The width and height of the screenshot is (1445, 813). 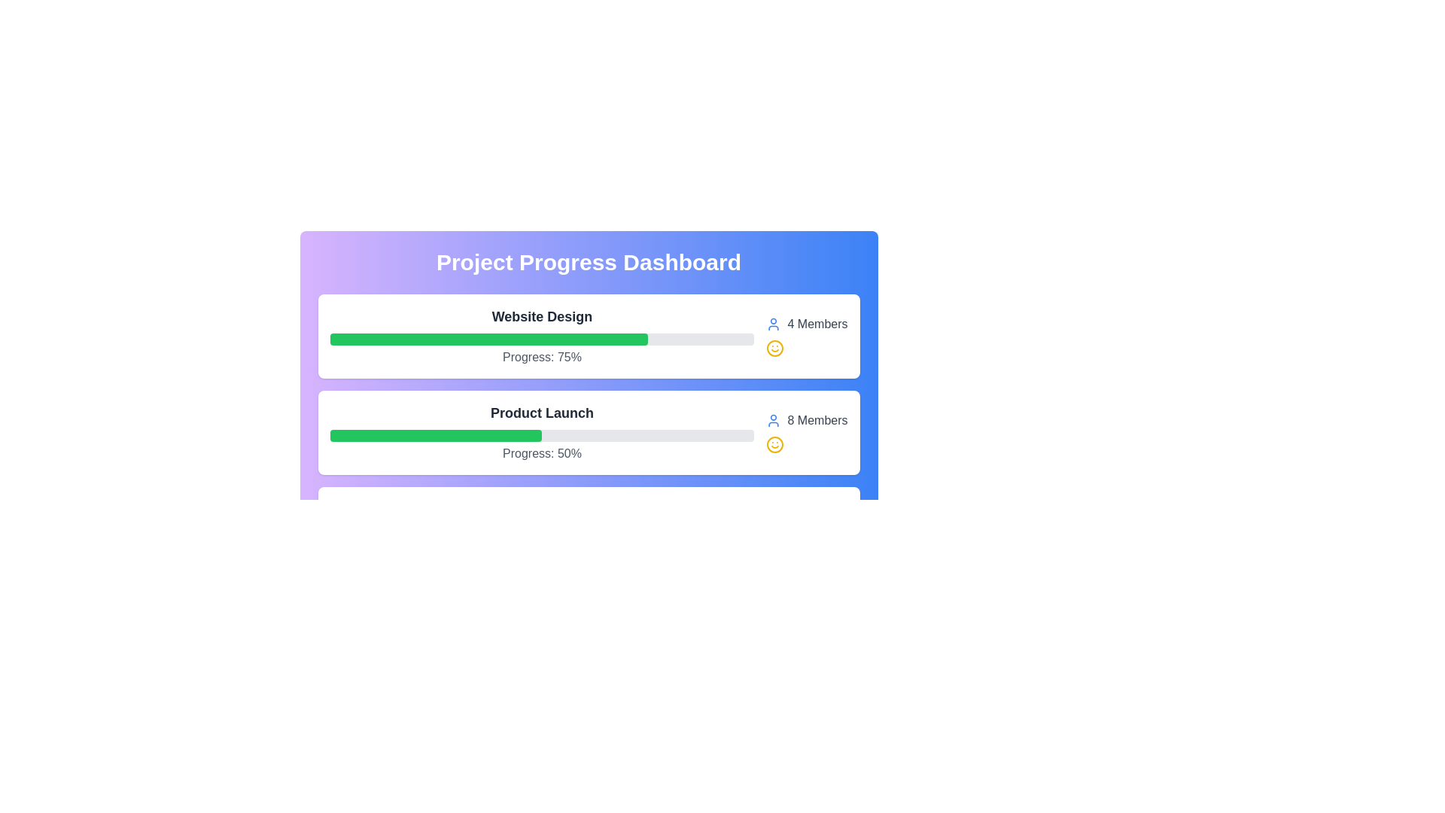 What do you see at coordinates (542, 315) in the screenshot?
I see `the text label reading 'Website Design', which is prominently styled in a bold, larger font and located at the top of the first progress section of the dashboard` at bounding box center [542, 315].